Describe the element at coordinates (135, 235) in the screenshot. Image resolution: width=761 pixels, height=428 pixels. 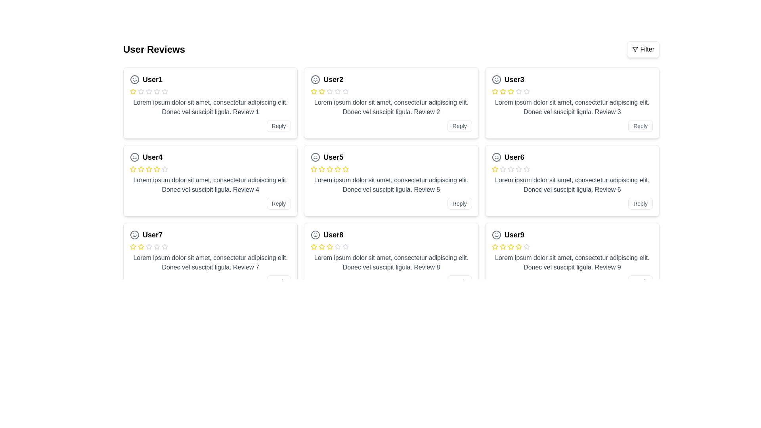
I see `the larger circle element within the smiling face illustration of the avatar icon for 'User7'` at that location.